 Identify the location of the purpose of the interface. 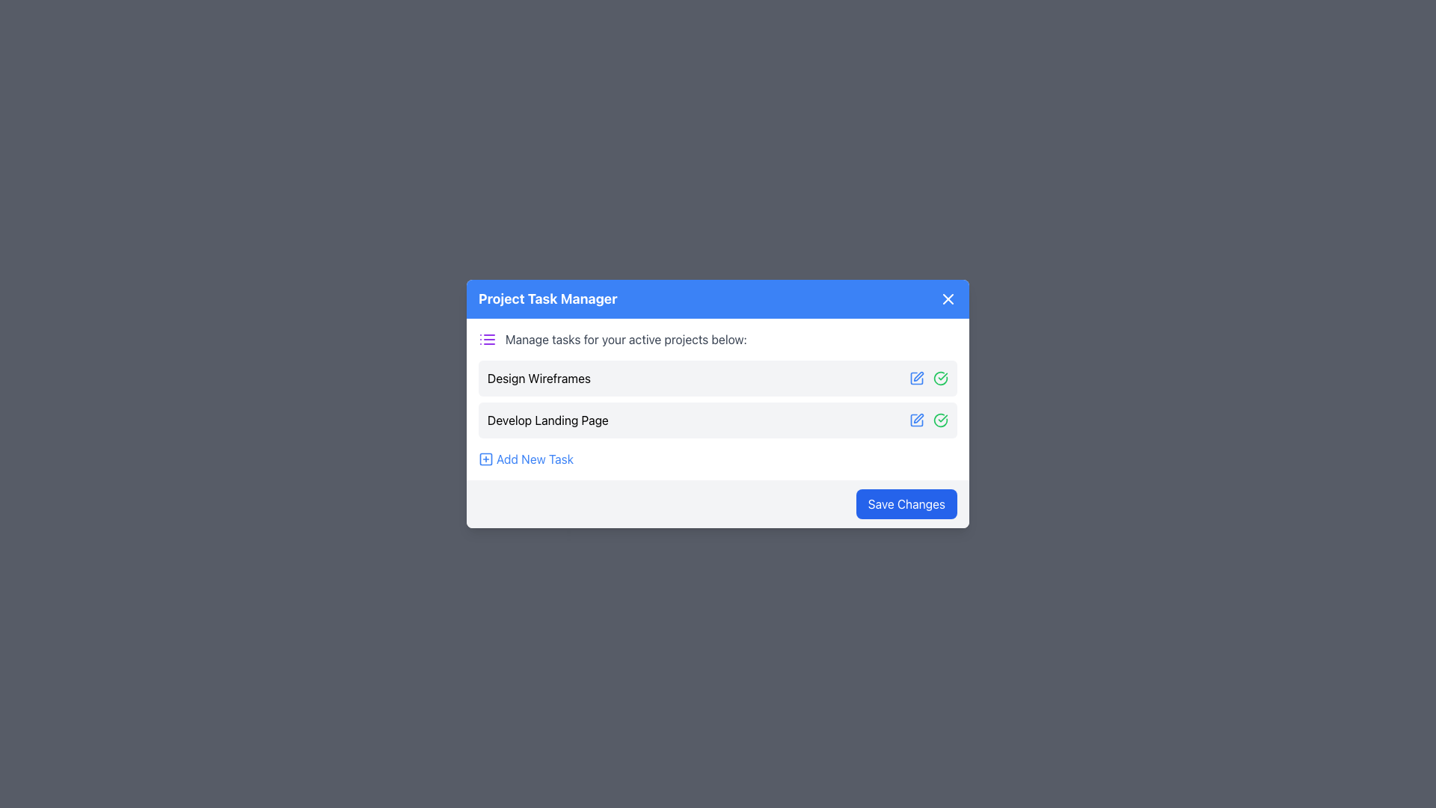
(626, 340).